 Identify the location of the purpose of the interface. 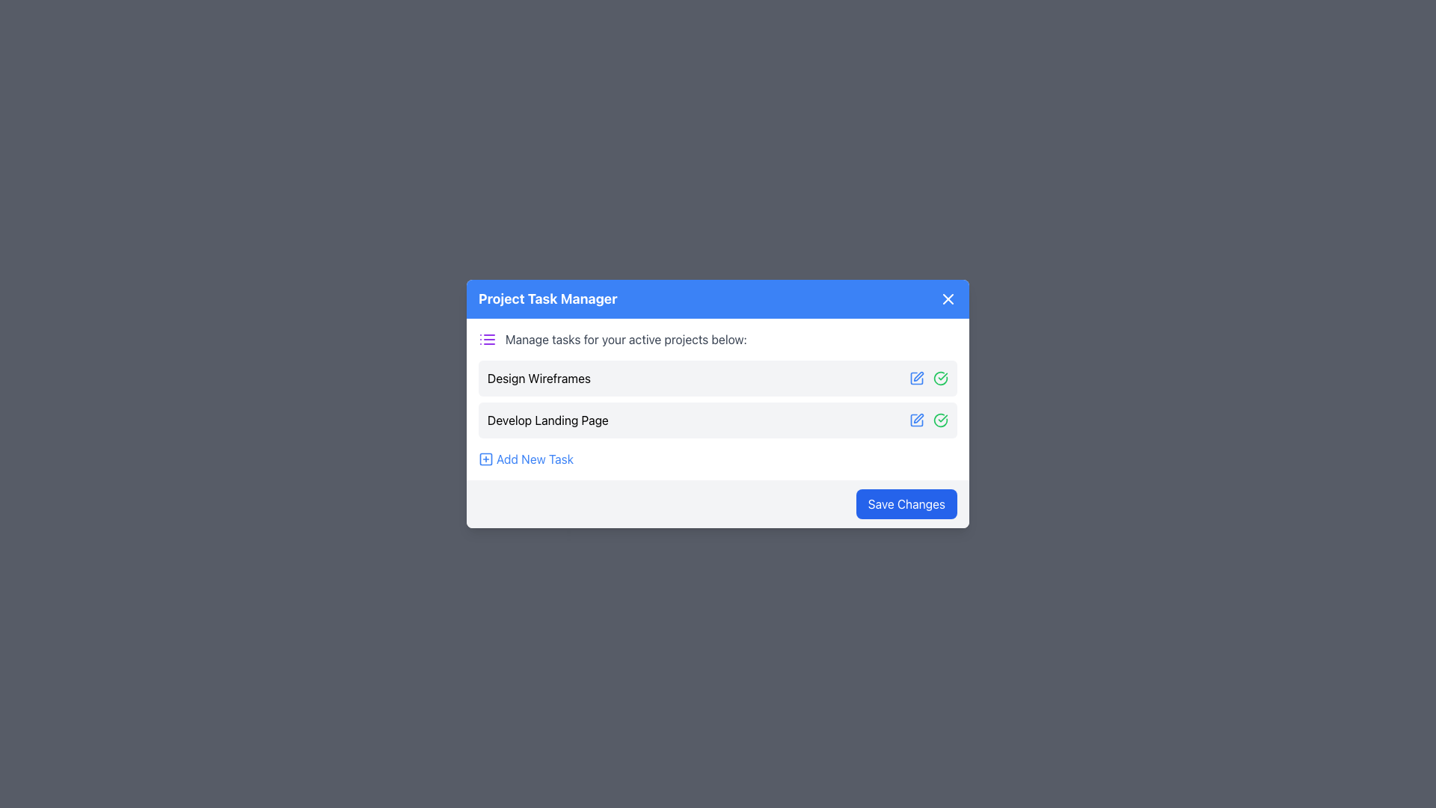
(626, 340).